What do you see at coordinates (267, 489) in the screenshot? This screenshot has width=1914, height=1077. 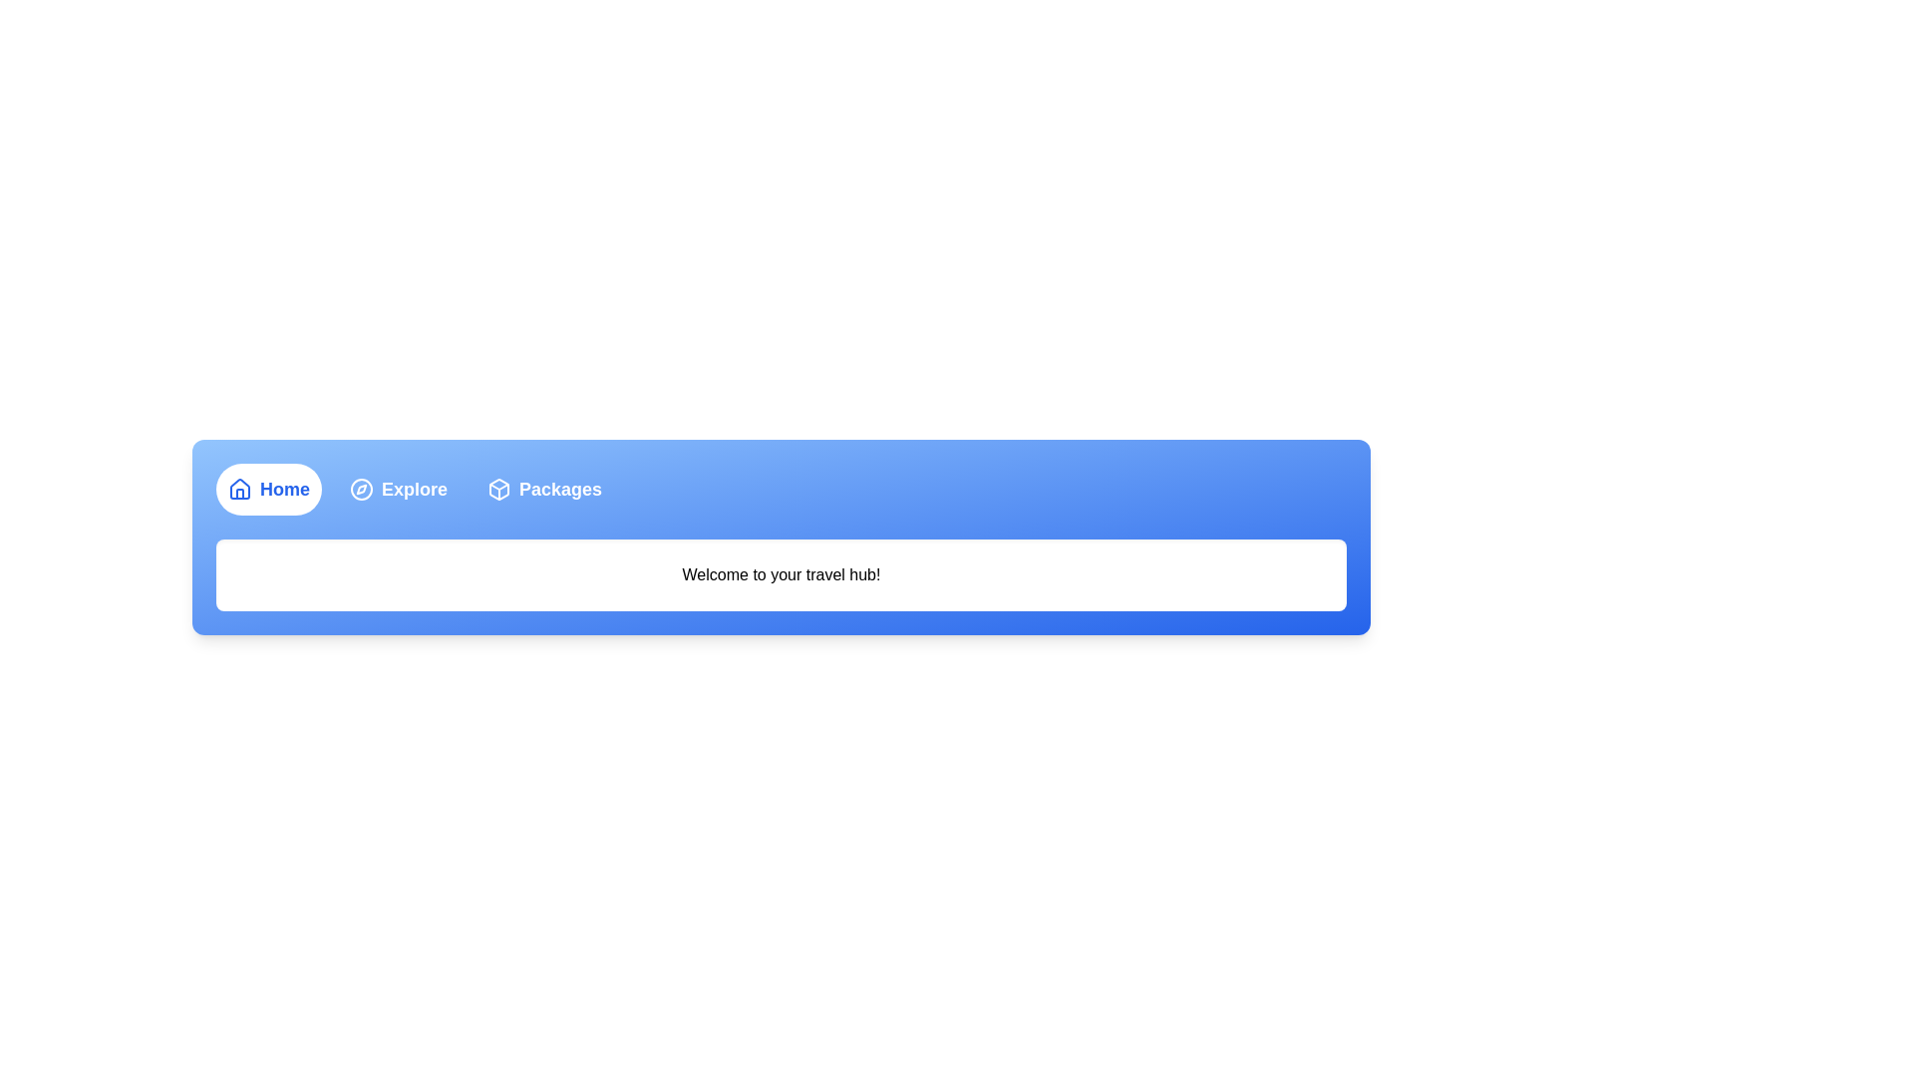 I see `the Home tab by clicking its respective button` at bounding box center [267, 489].